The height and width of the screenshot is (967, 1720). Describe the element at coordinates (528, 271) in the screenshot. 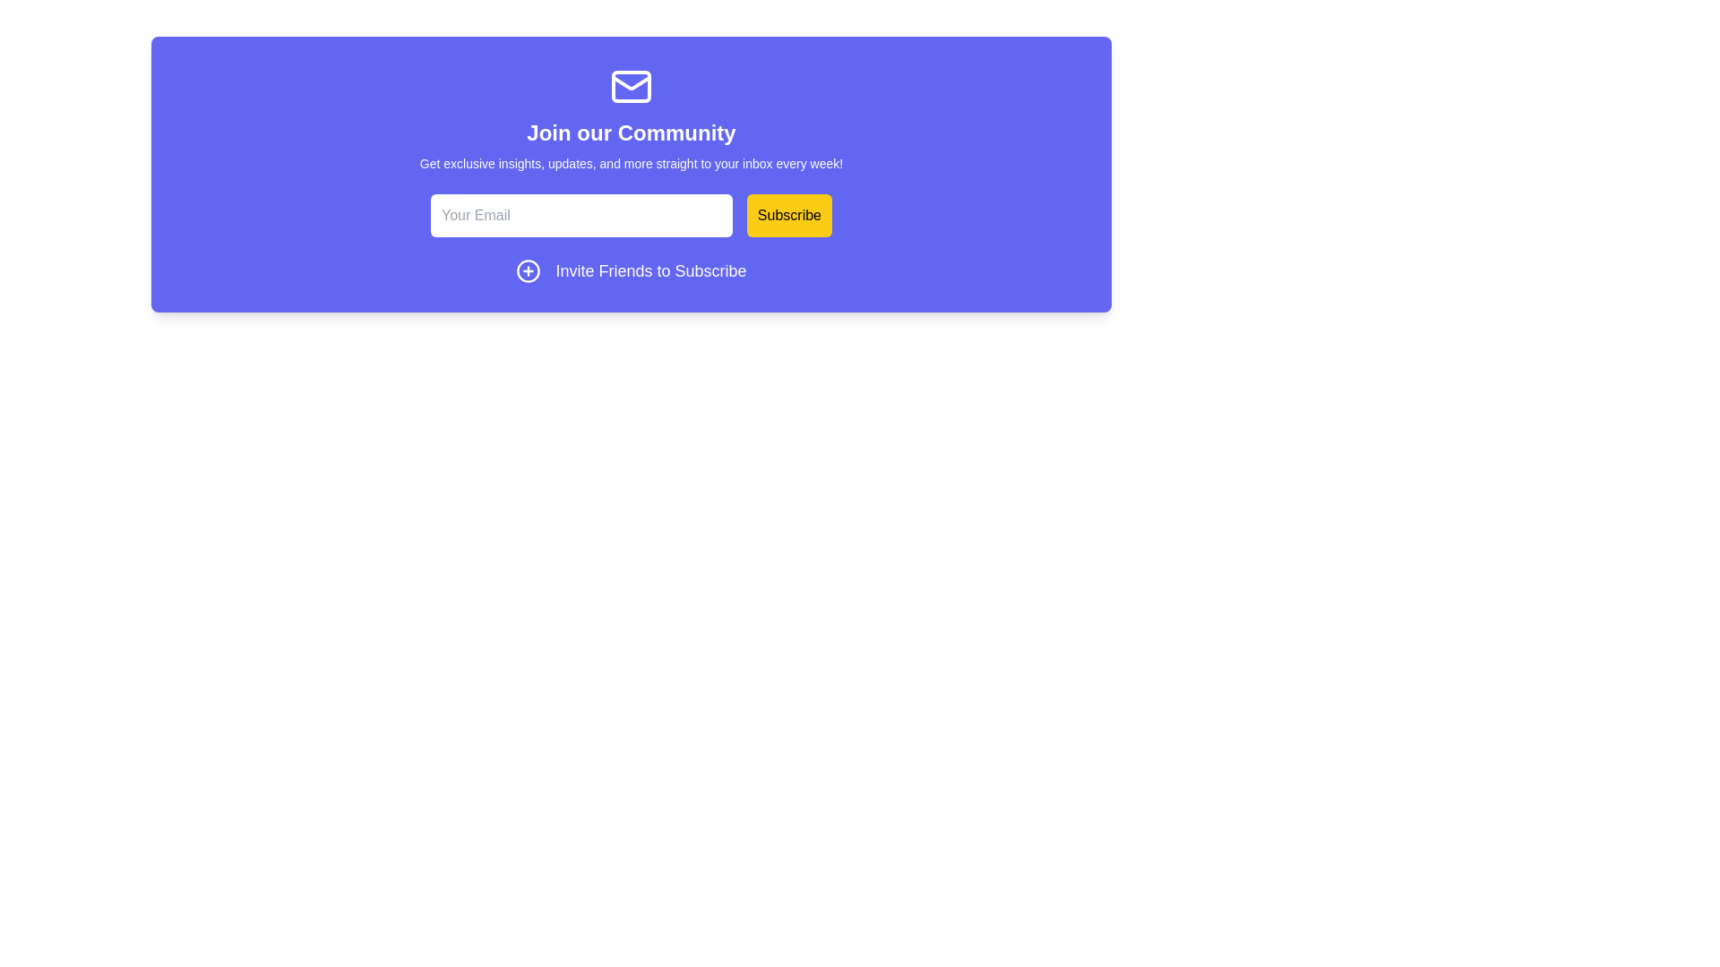

I see `the circular outlined icon featuring a plus sign to initiate the invitation process` at that location.